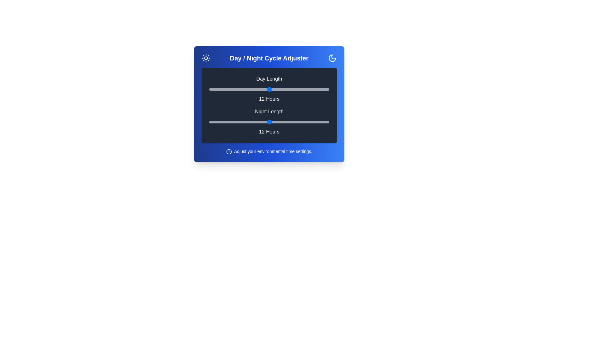 The width and height of the screenshot is (605, 340). I want to click on the 'Day Length' slider to set the day duration to 15 hours, so click(299, 89).